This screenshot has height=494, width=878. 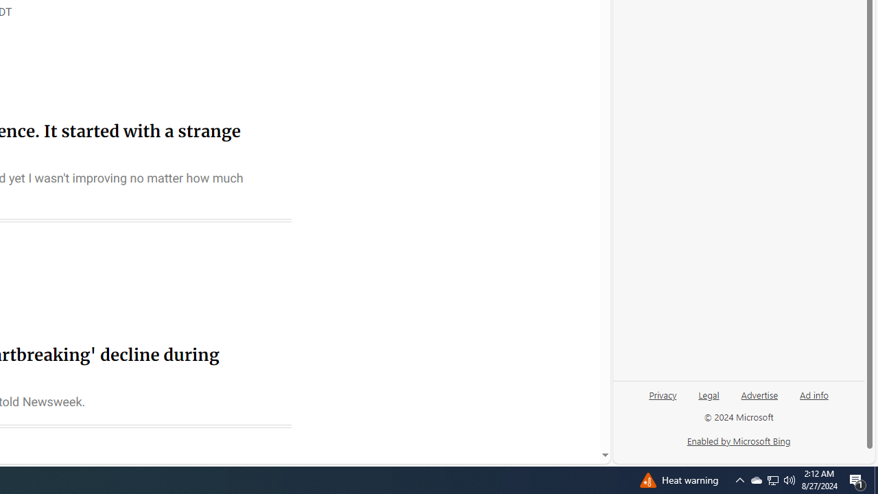 I want to click on 'Ad info', so click(x=814, y=394).